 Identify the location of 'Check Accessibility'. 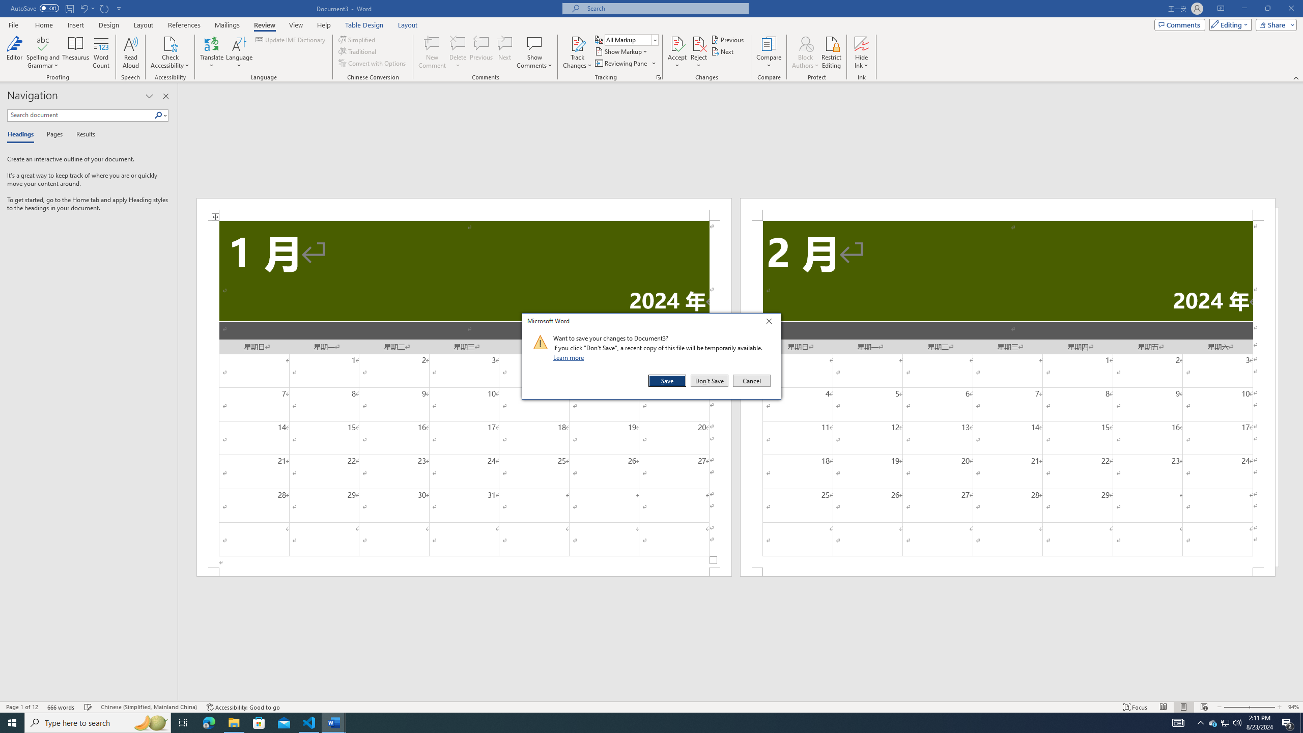
(170, 43).